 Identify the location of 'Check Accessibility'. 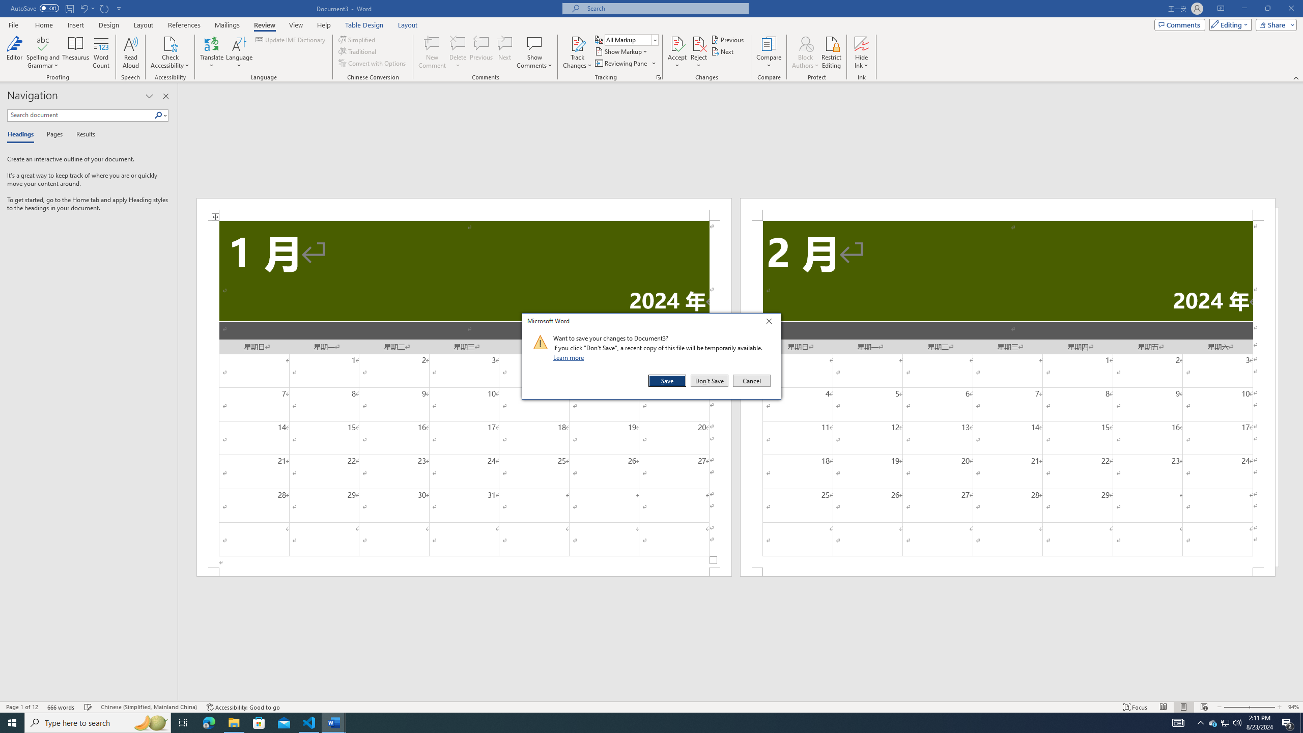
(170, 43).